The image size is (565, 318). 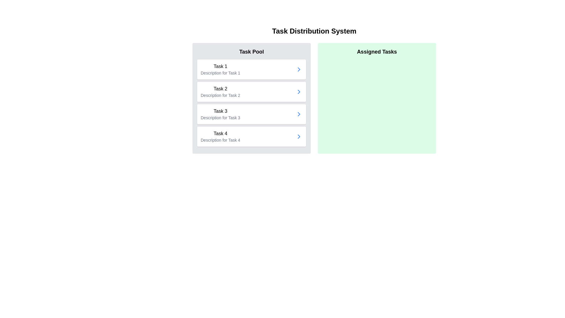 What do you see at coordinates (299, 114) in the screenshot?
I see `the third chevron icon in the 'Task Pool' list associated with the 'Task 3' card` at bounding box center [299, 114].